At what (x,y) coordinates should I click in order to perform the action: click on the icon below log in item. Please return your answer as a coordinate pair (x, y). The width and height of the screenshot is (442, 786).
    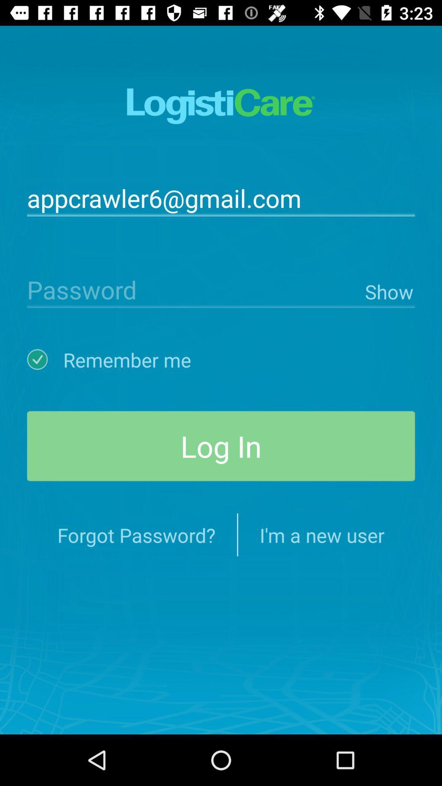
    Looking at the image, I should click on (322, 535).